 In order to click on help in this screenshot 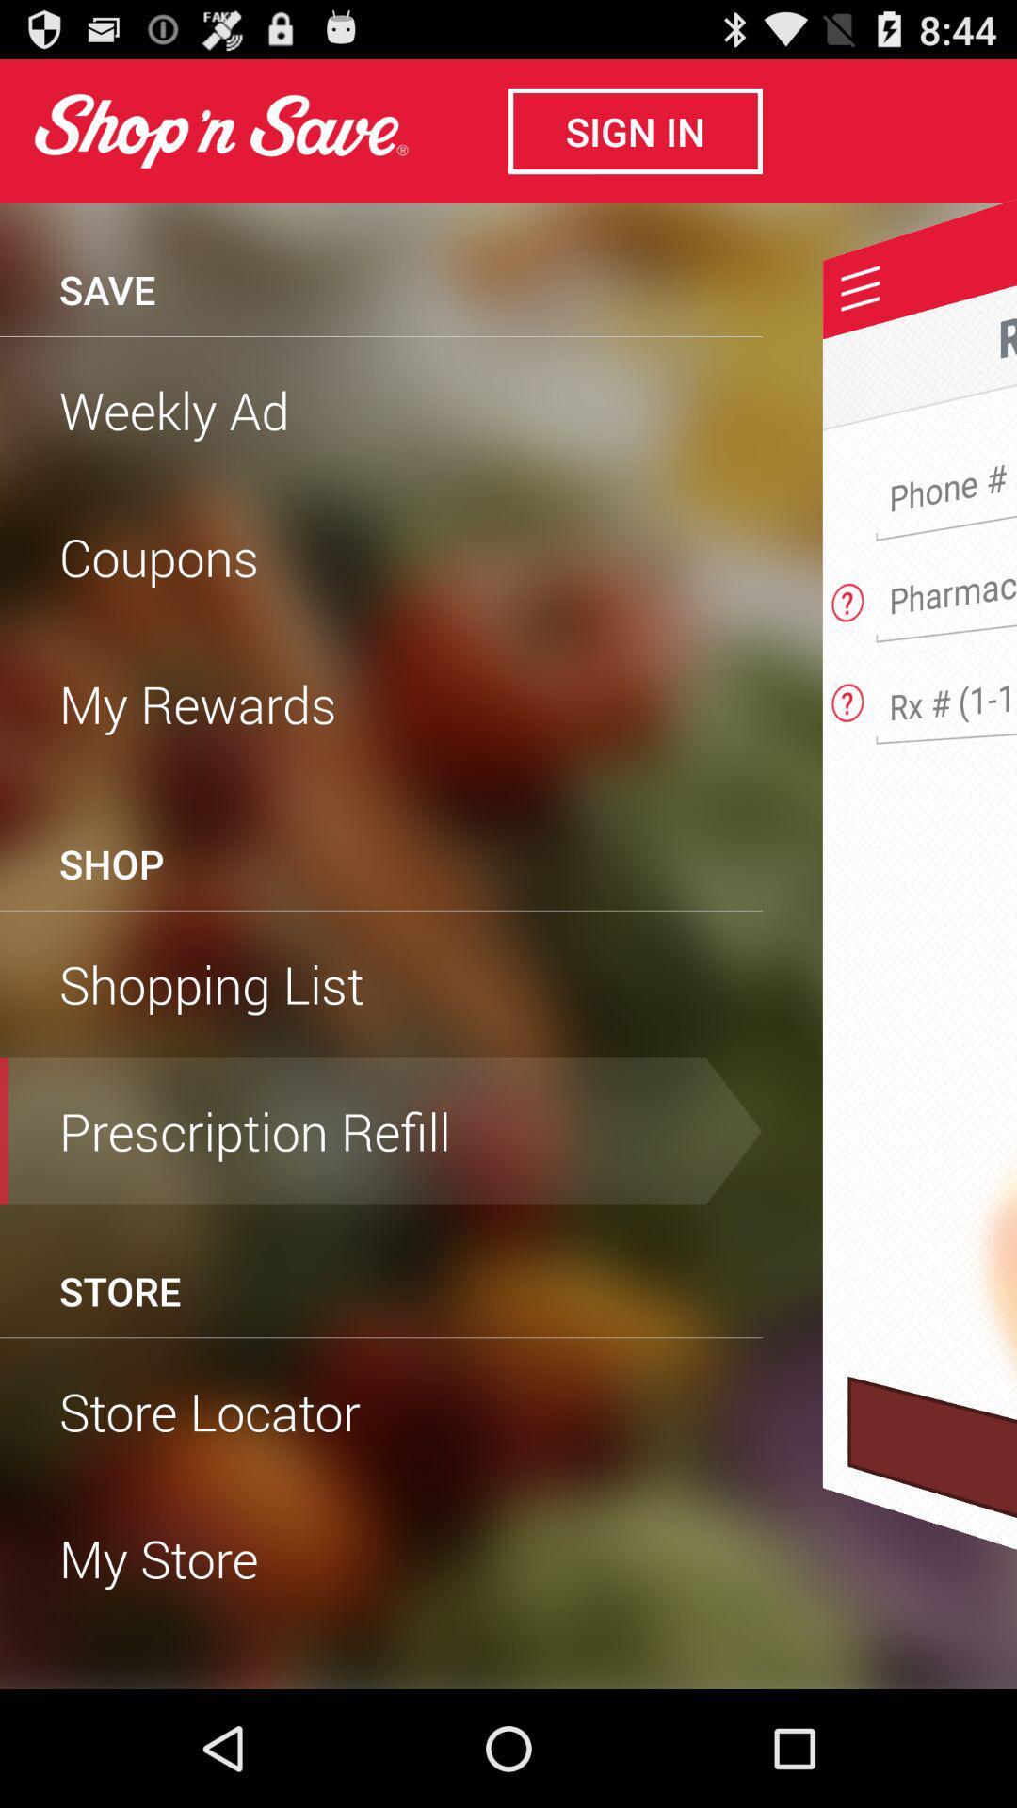, I will do `click(847, 596)`.